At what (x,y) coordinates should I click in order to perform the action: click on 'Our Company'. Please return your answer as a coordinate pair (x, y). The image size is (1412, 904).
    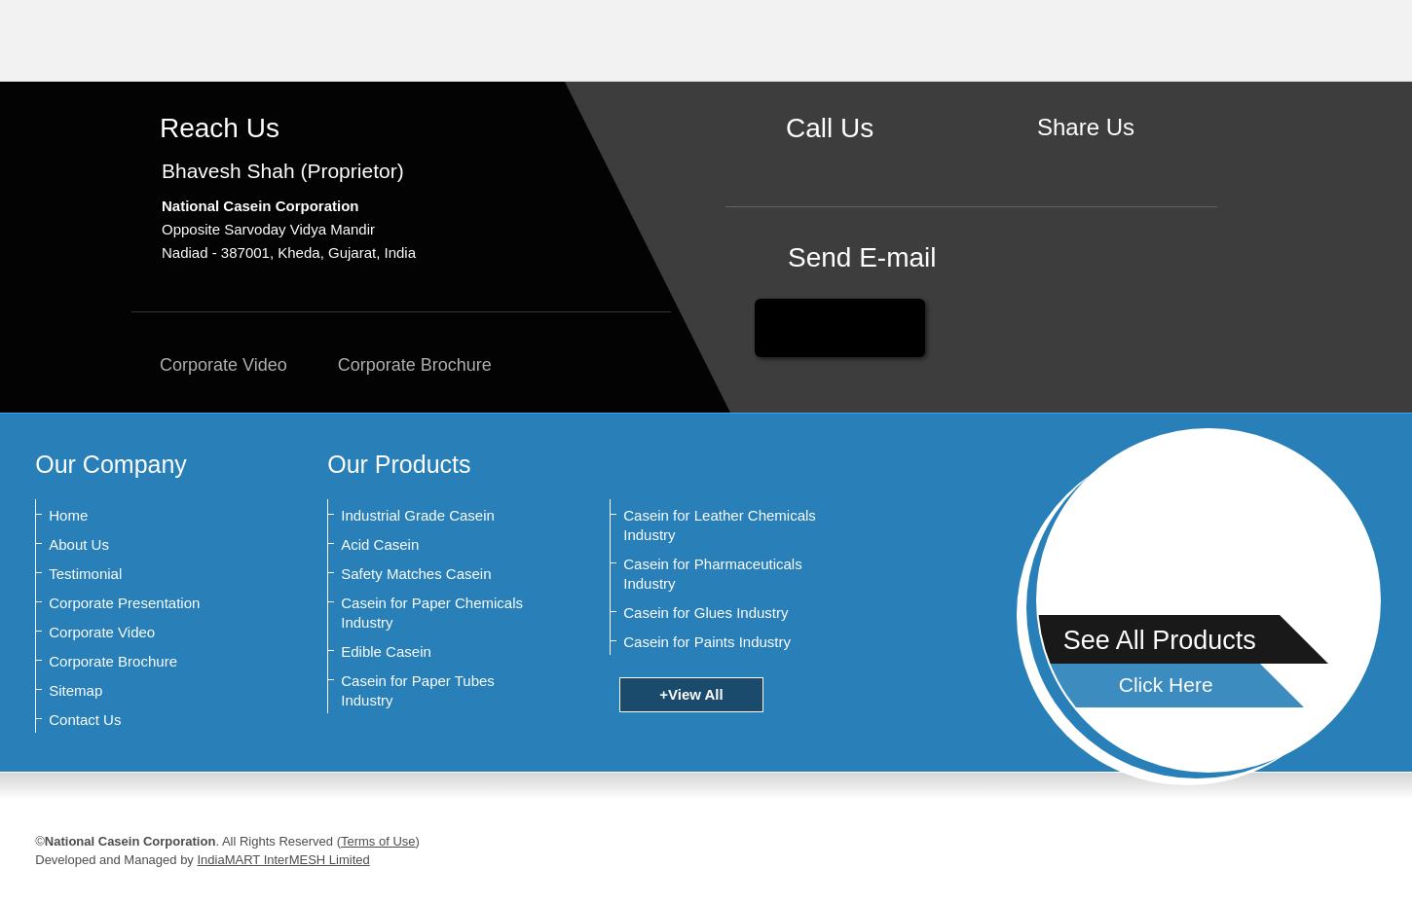
    Looking at the image, I should click on (34, 464).